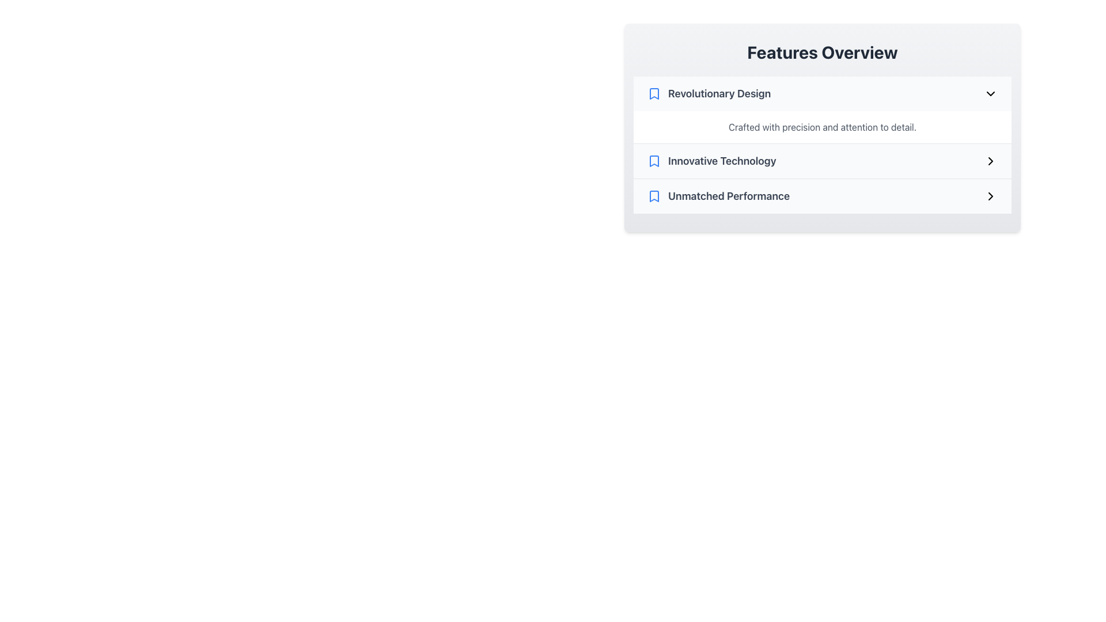 This screenshot has height=622, width=1106. Describe the element at coordinates (654, 195) in the screenshot. I see `the icon indicating 'Unmatched Performance', which is positioned to the left of the 'Unmatched Performance' text in a vertically arranged list of features` at that location.